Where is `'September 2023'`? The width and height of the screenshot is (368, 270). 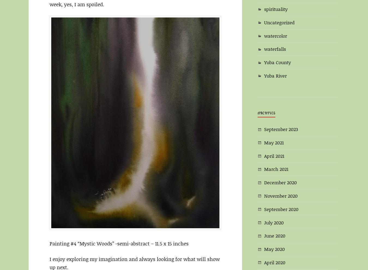 'September 2023' is located at coordinates (281, 129).